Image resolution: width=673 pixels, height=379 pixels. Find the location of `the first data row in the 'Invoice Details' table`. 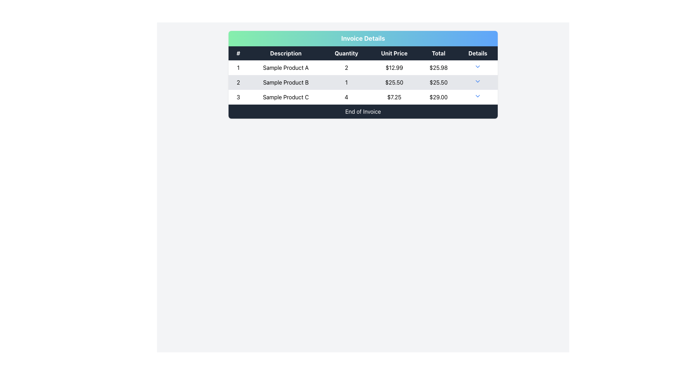

the first data row in the 'Invoice Details' table is located at coordinates (363, 67).